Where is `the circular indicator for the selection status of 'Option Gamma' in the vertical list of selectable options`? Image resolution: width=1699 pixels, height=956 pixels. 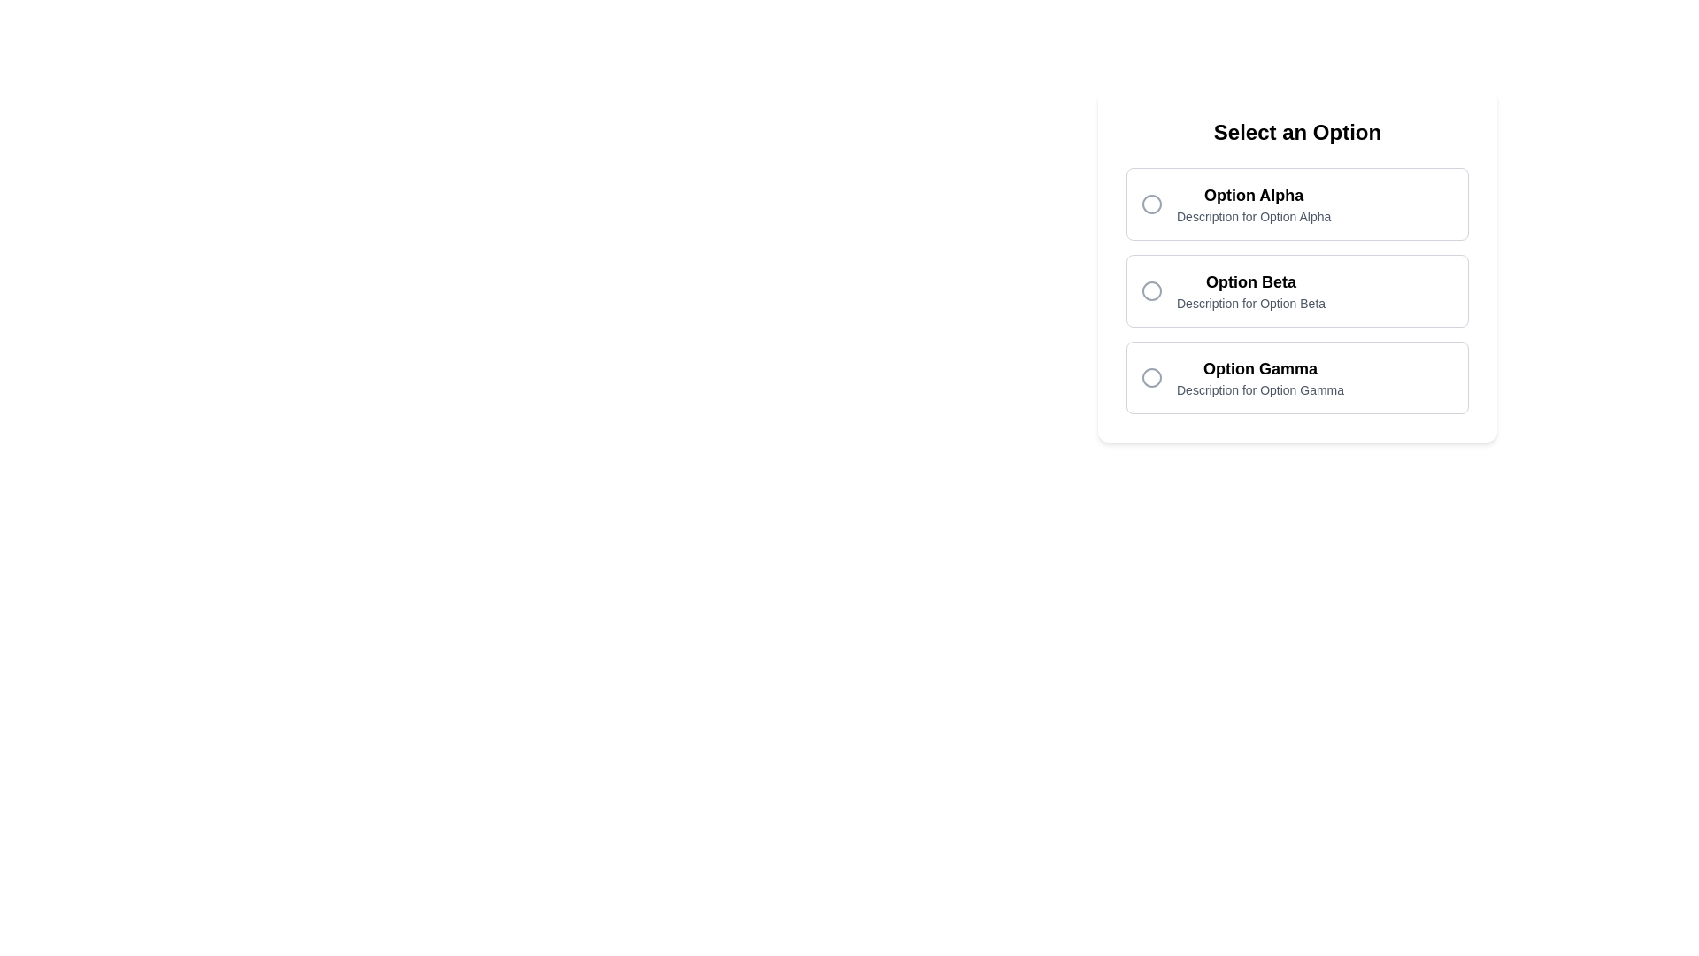 the circular indicator for the selection status of 'Option Gamma' in the vertical list of selectable options is located at coordinates (1151, 377).